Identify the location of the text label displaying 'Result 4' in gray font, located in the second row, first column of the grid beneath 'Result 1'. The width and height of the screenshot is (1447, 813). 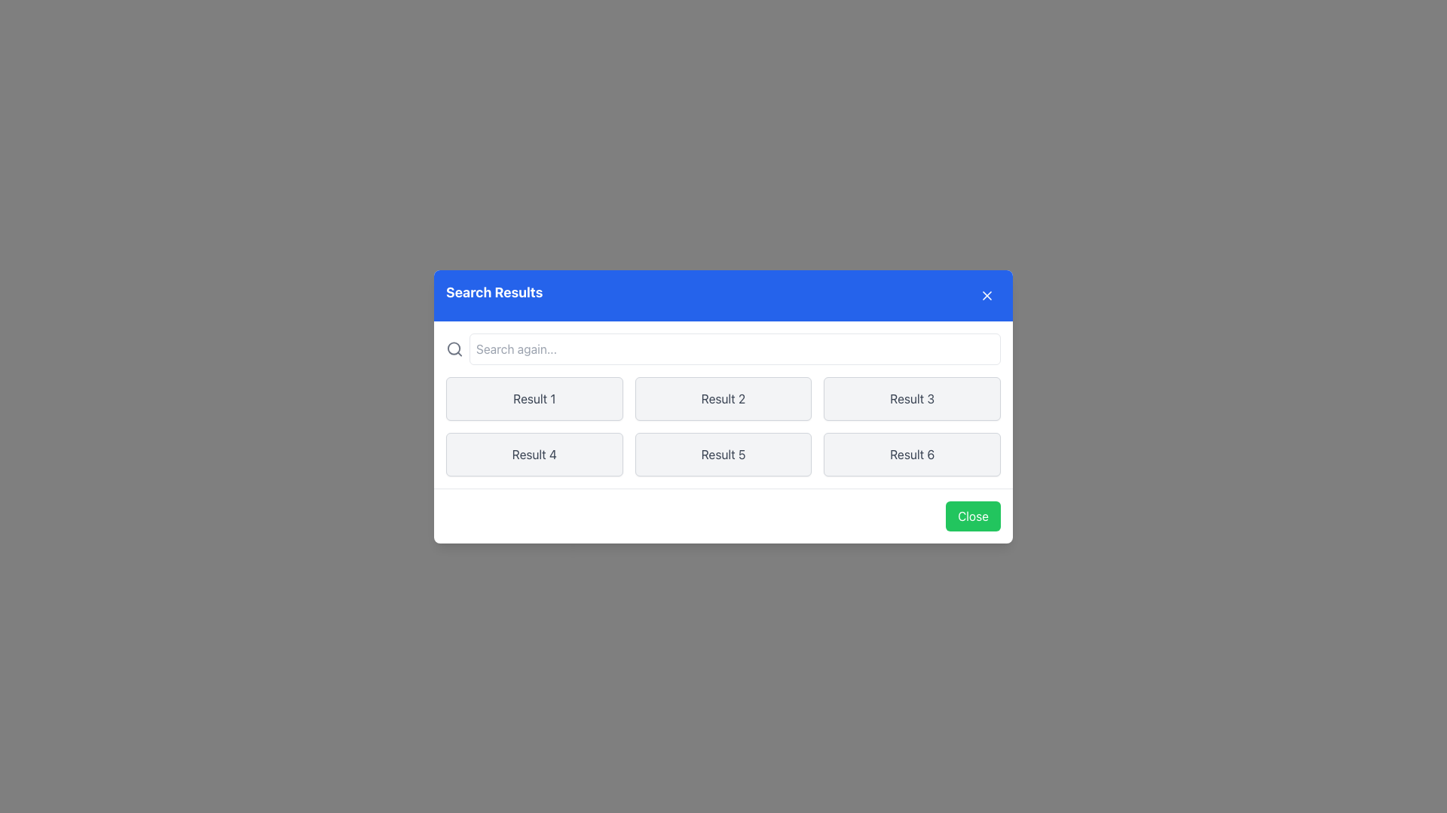
(534, 453).